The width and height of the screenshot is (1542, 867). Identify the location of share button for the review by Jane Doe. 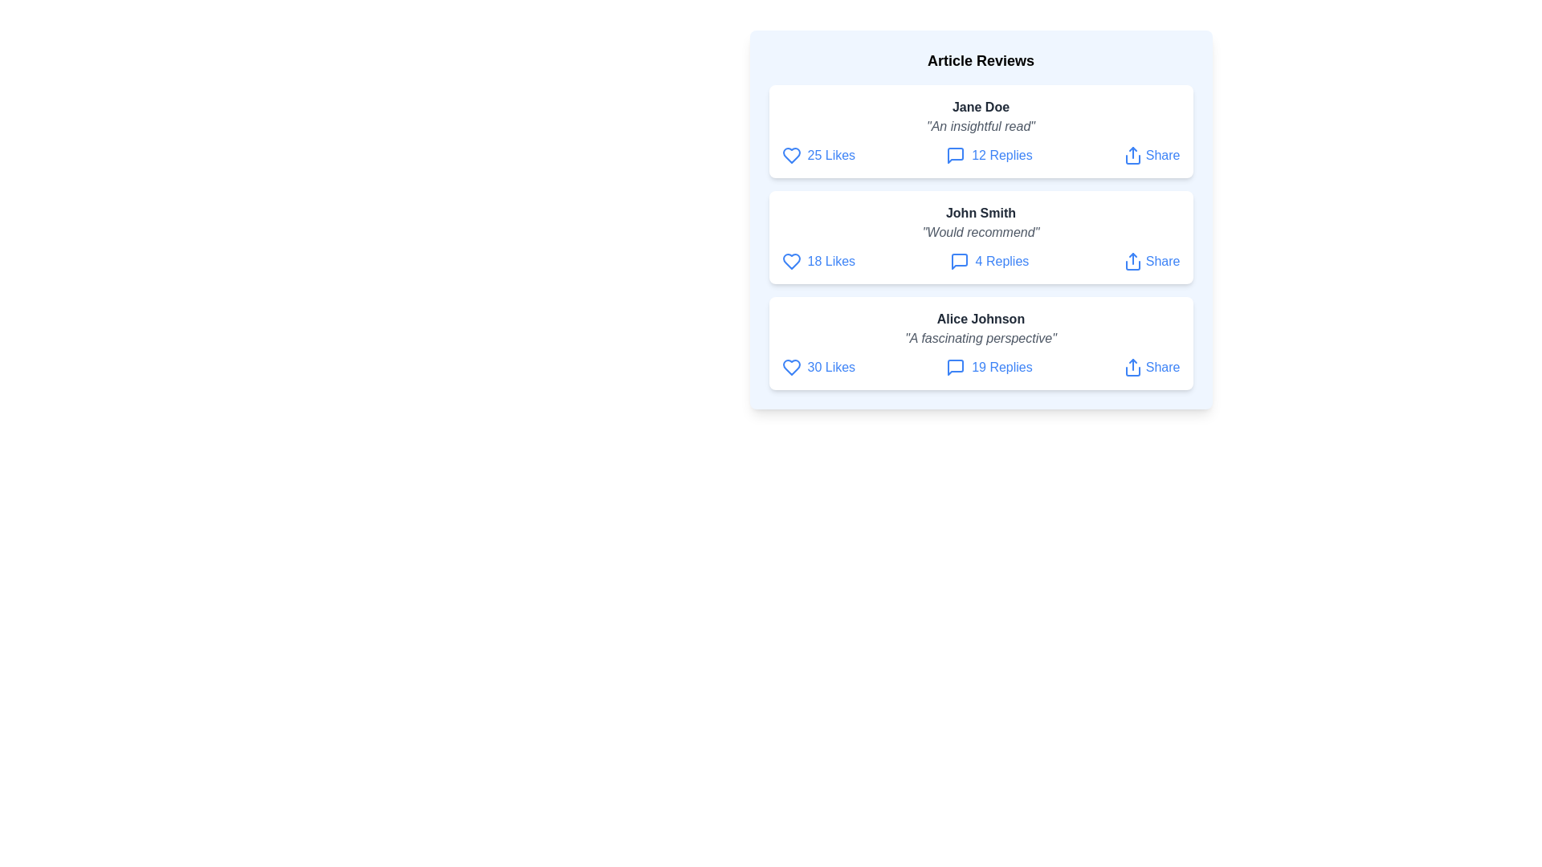
(1151, 155).